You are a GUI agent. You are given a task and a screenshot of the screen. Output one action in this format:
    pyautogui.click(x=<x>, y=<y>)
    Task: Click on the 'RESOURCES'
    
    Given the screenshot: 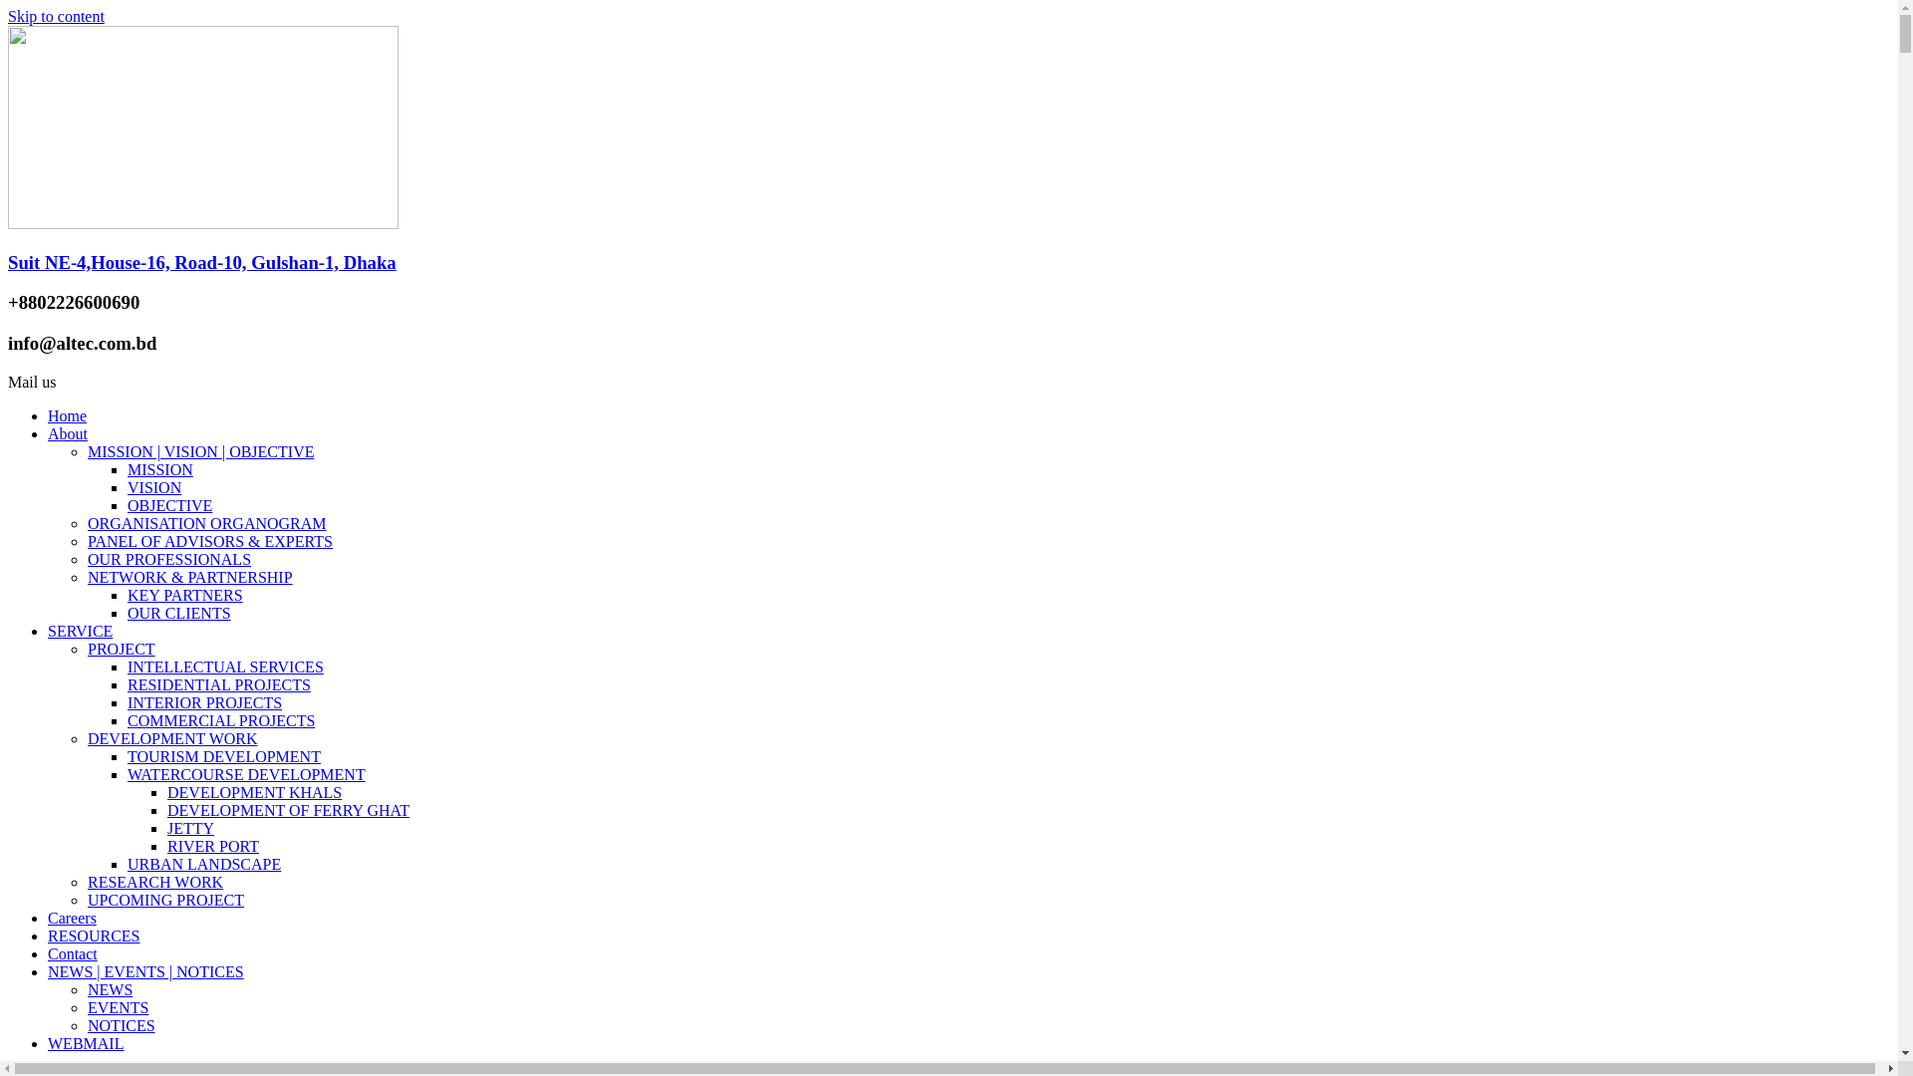 What is the action you would take?
    pyautogui.click(x=48, y=936)
    